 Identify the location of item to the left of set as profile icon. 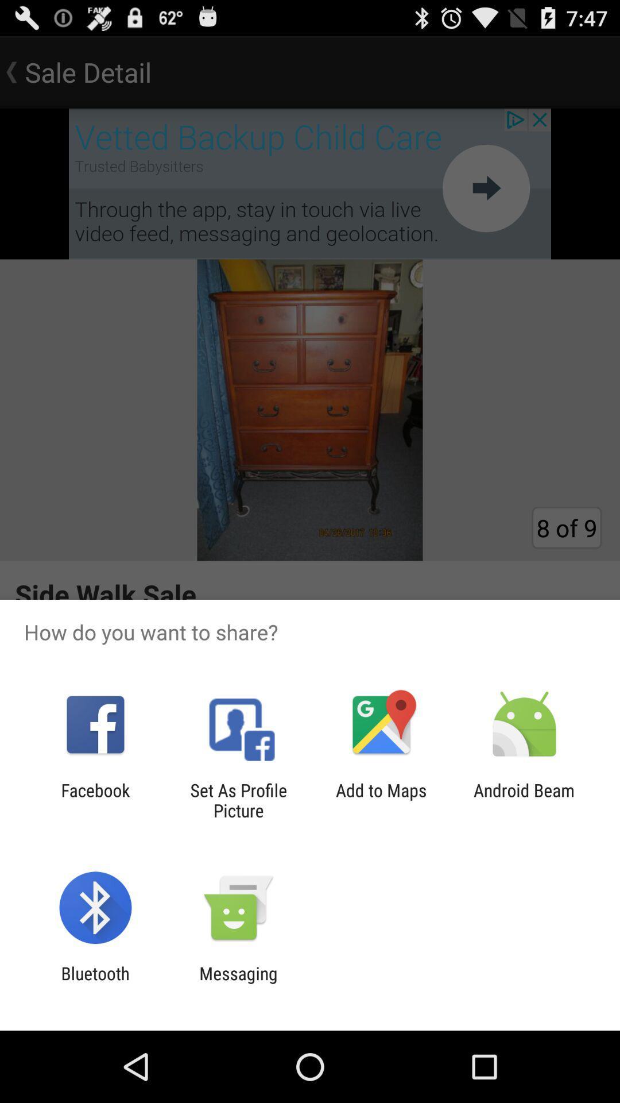
(95, 800).